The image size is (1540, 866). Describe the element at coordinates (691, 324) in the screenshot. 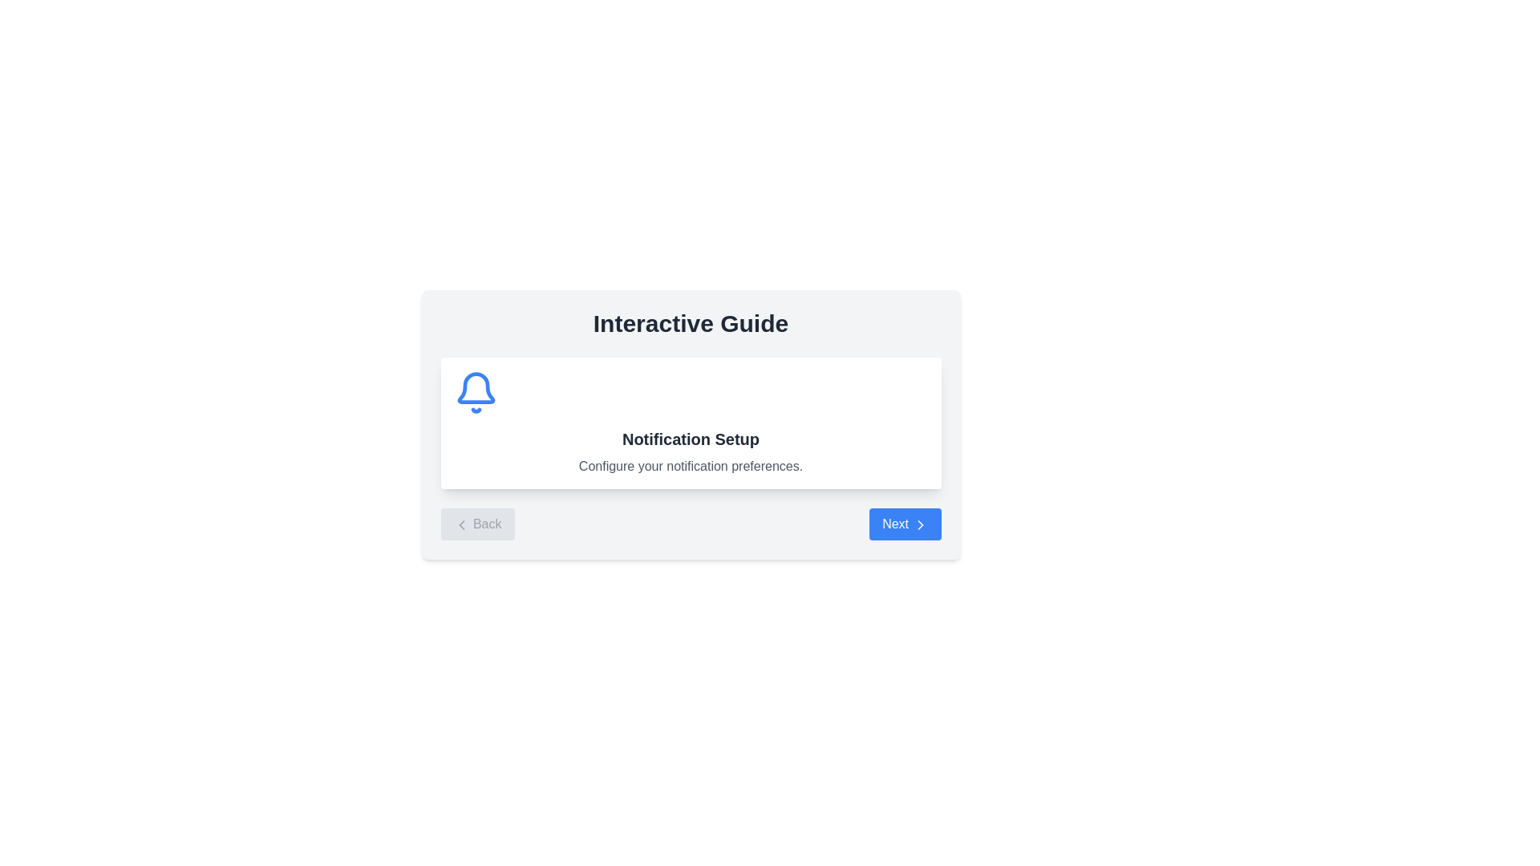

I see `the Header element that serves as a title or header for the guide, positioned centrally above other elements` at that location.